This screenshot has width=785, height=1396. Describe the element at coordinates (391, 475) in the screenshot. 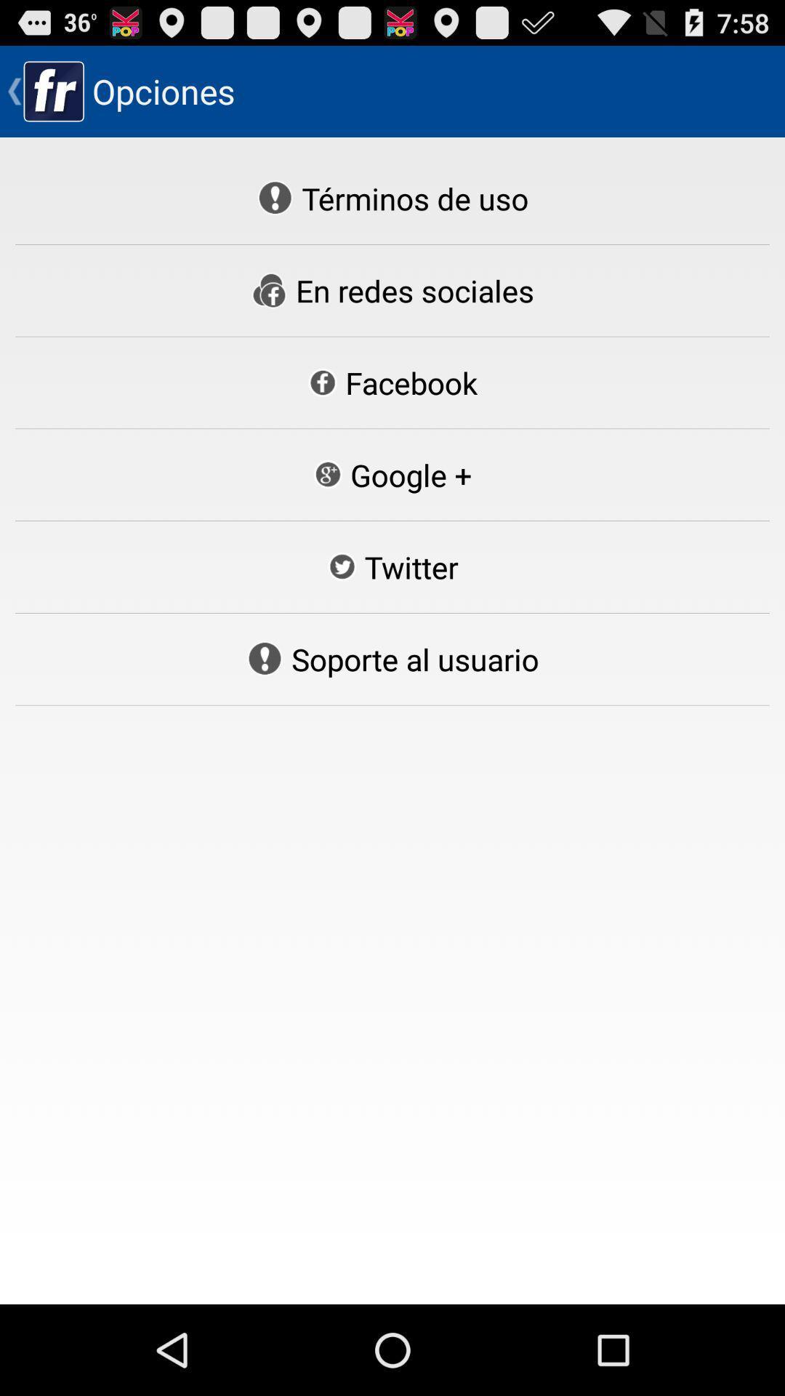

I see `the button below the facebook icon` at that location.